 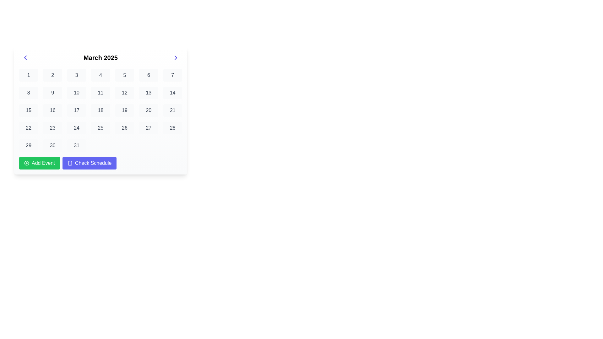 I want to click on the Calendar date button representing the 15th day of March 2025, so click(x=28, y=110).